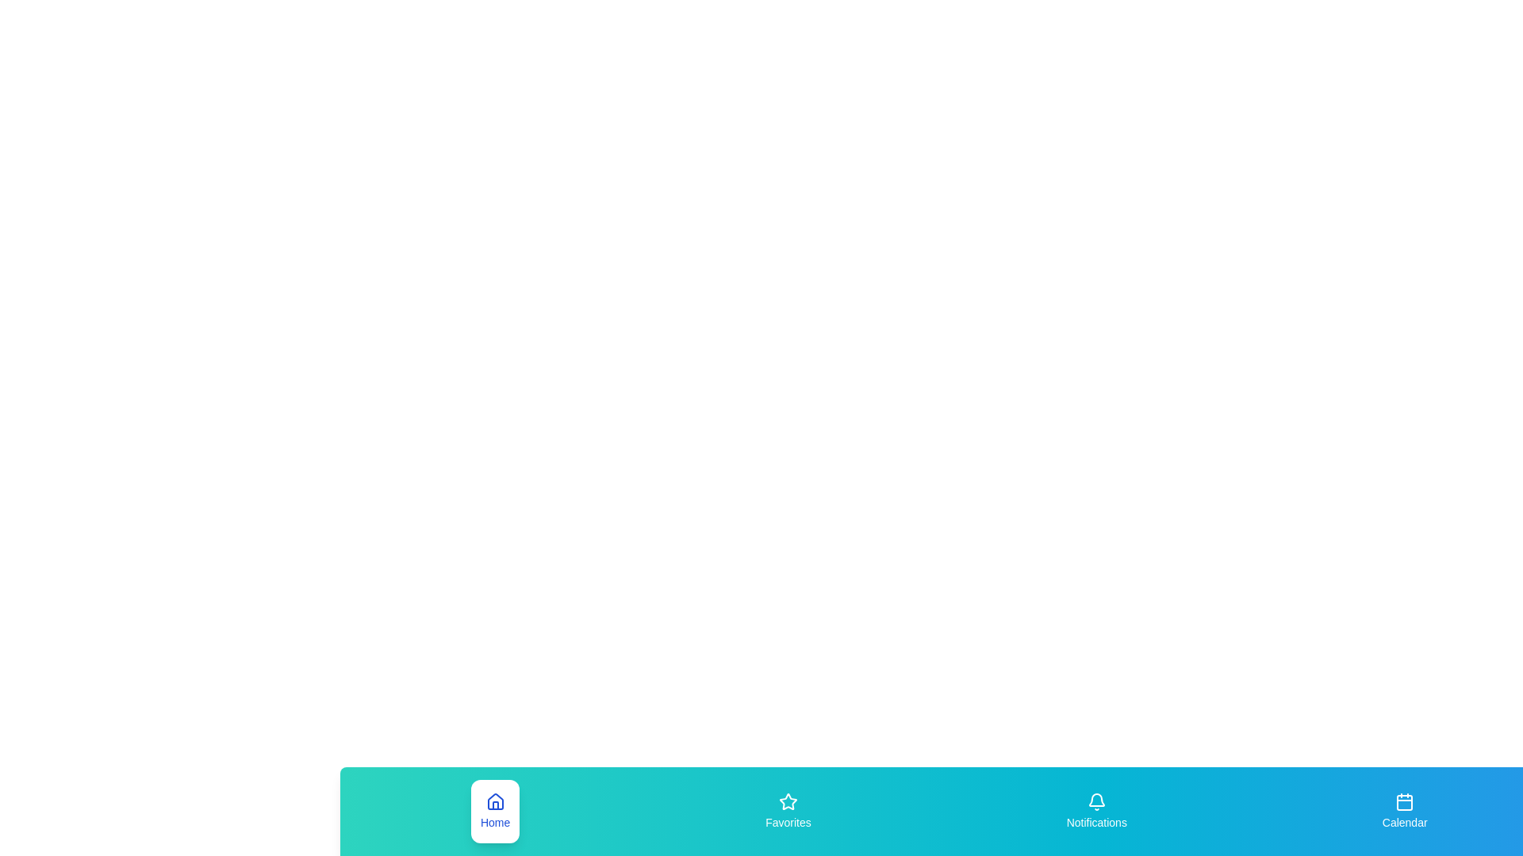 This screenshot has width=1523, height=856. What do you see at coordinates (494, 811) in the screenshot?
I see `the Home button to inspect its tooltip` at bounding box center [494, 811].